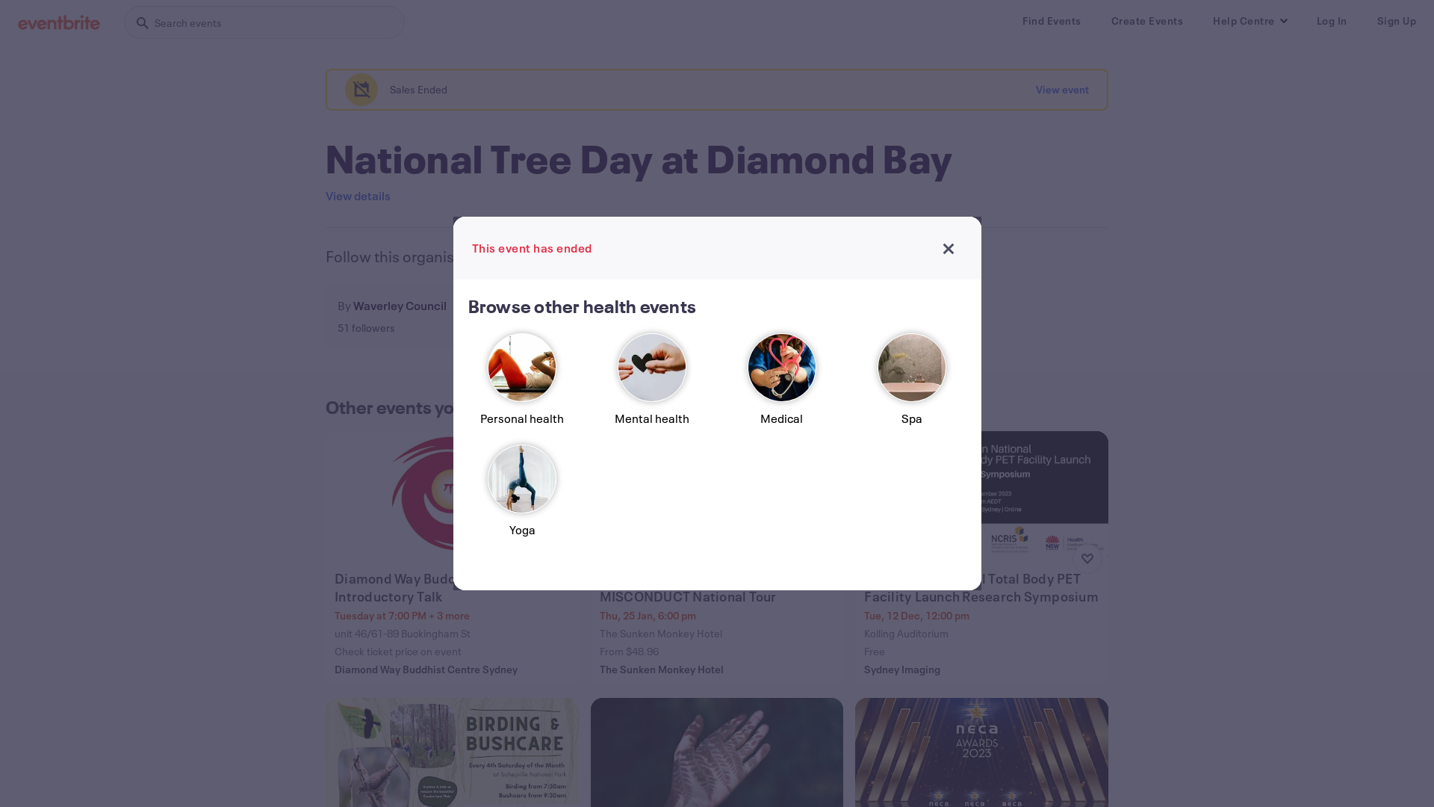  What do you see at coordinates (522, 497) in the screenshot?
I see `'Yoga'` at bounding box center [522, 497].